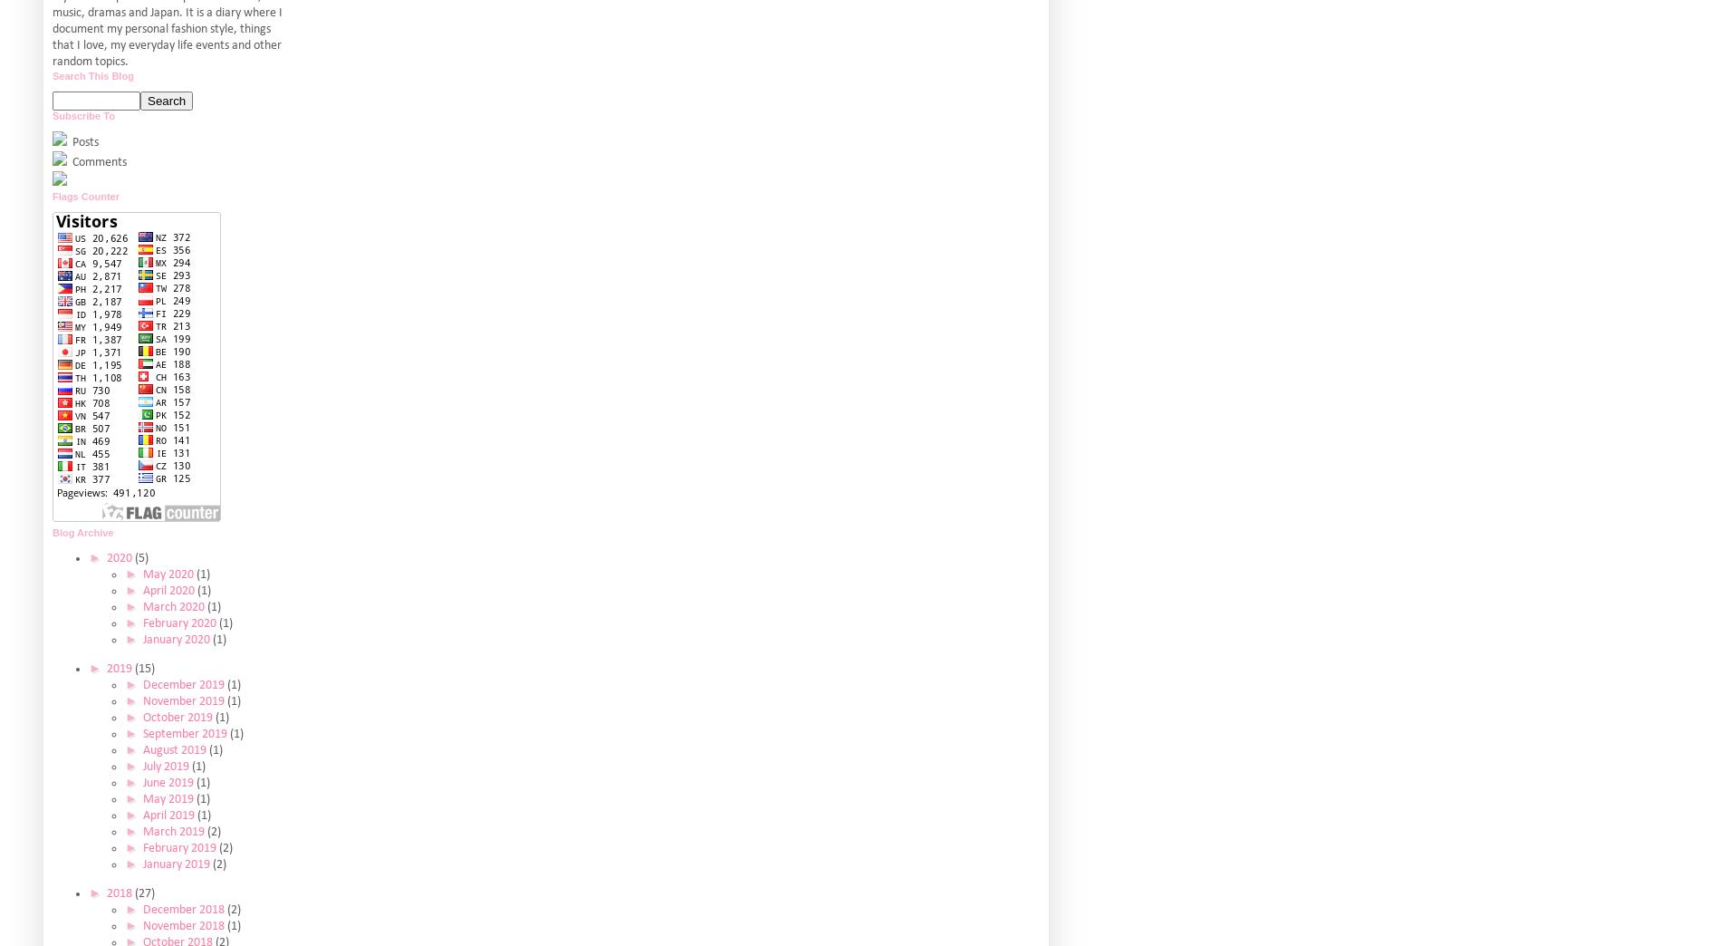 The width and height of the screenshot is (1719, 946). I want to click on 'May 2019', so click(141, 798).